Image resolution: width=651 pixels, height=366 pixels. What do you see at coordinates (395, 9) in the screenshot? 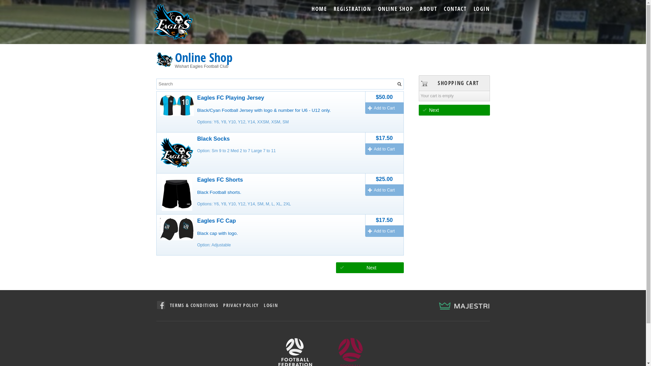
I see `'ONLINE SHOP'` at bounding box center [395, 9].